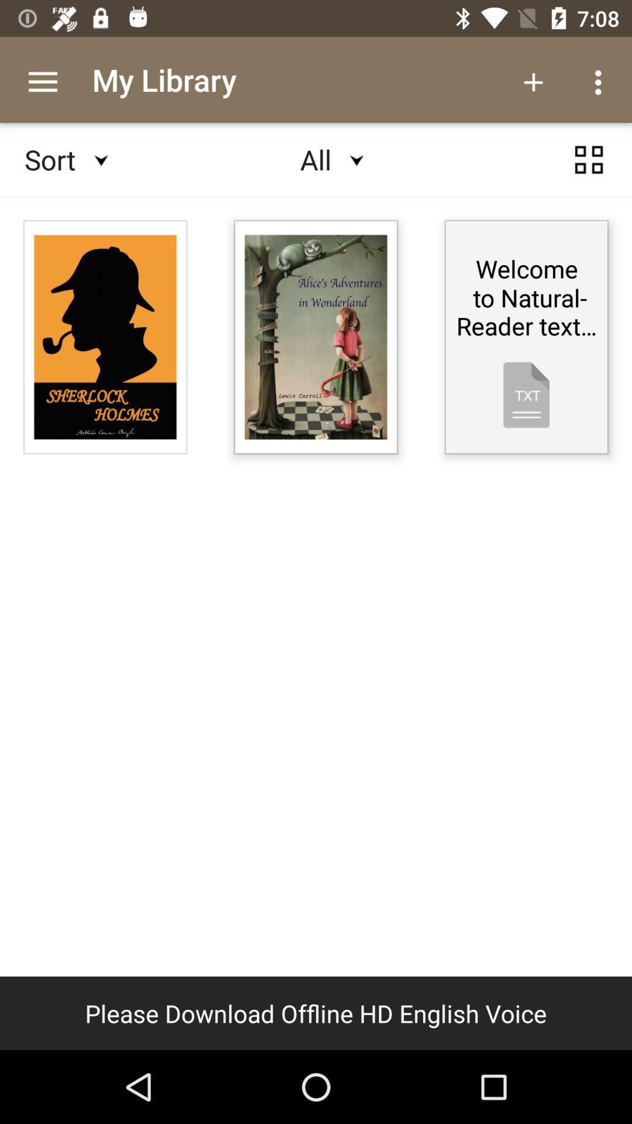 This screenshot has height=1124, width=632. I want to click on options icon, so click(601, 81).